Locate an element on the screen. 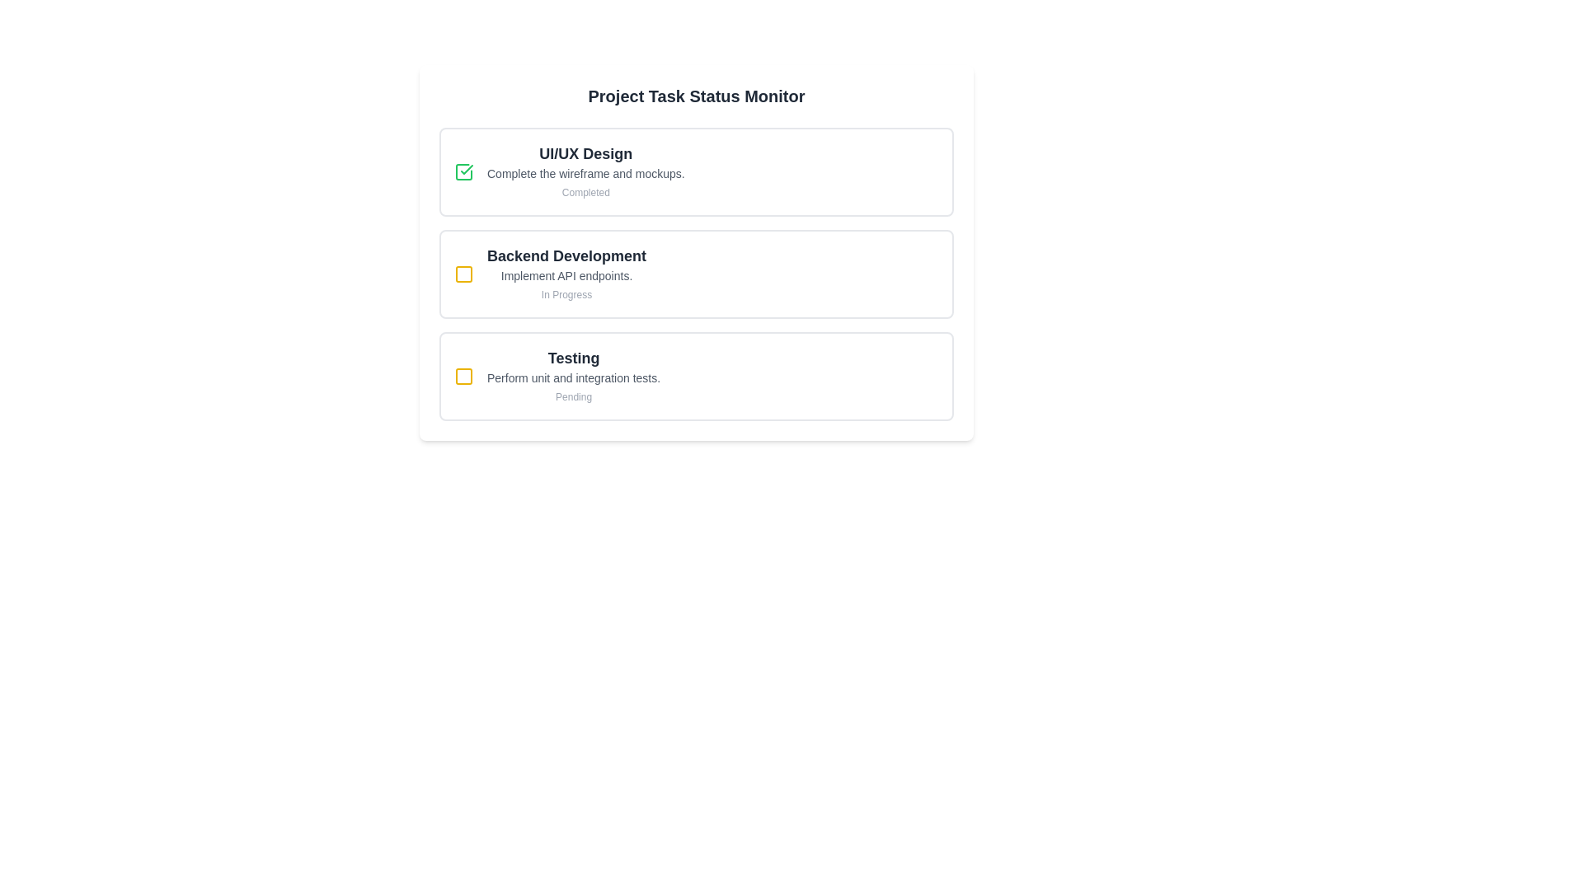 This screenshot has width=1583, height=890. the Text label indicating the current progress status of the 'Backend Development' task, which is positioned under the description 'Implement API endpoints.' is located at coordinates (566, 294).